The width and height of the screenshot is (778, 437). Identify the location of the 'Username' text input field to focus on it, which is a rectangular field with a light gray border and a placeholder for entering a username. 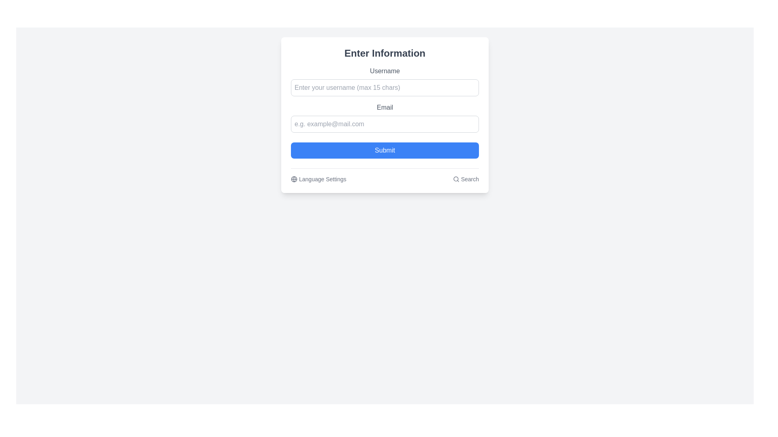
(385, 81).